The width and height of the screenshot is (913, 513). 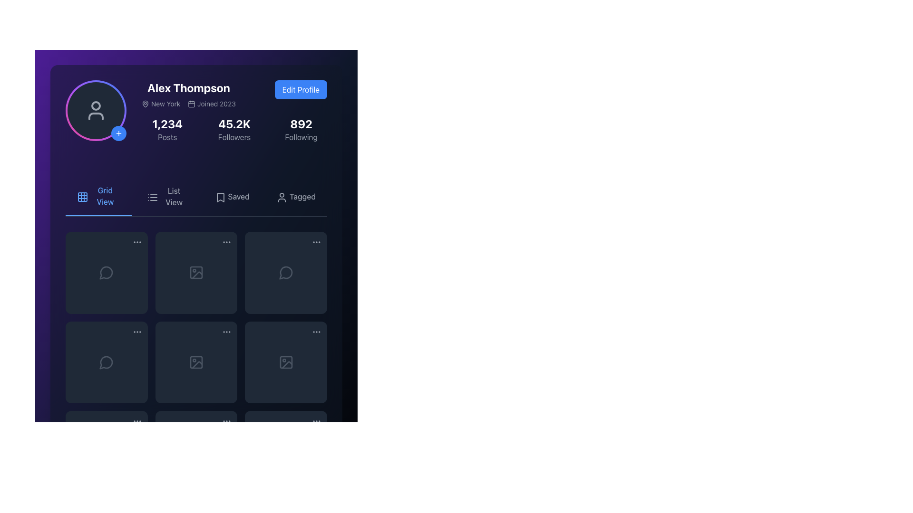 I want to click on the Ellipsis button located at the top-right corner of the first item in the grid layout to trigger its visual transition effects, so click(x=136, y=241).